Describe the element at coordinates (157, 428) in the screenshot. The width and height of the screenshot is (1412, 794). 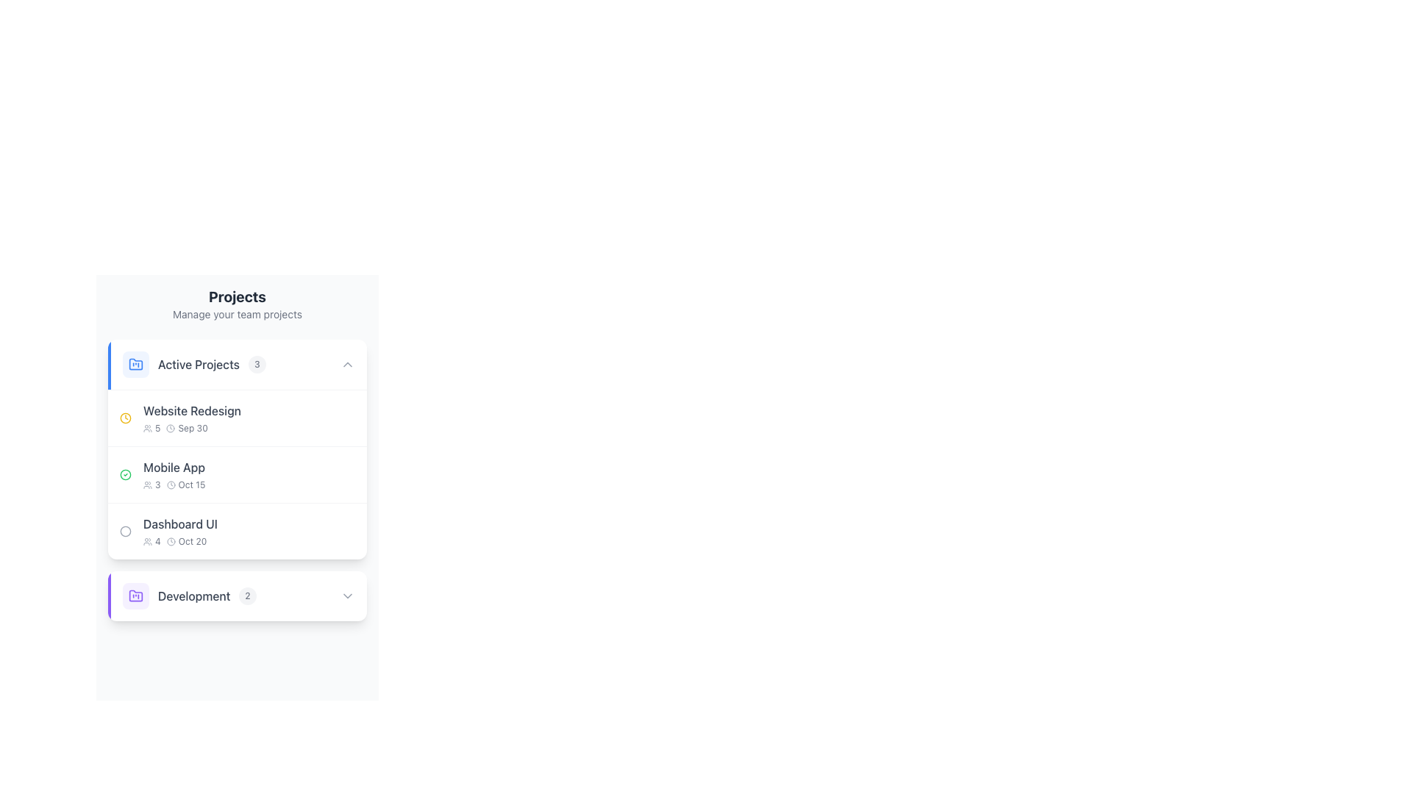
I see `the Text element that displays the user count information, positioned next to the user count icon` at that location.